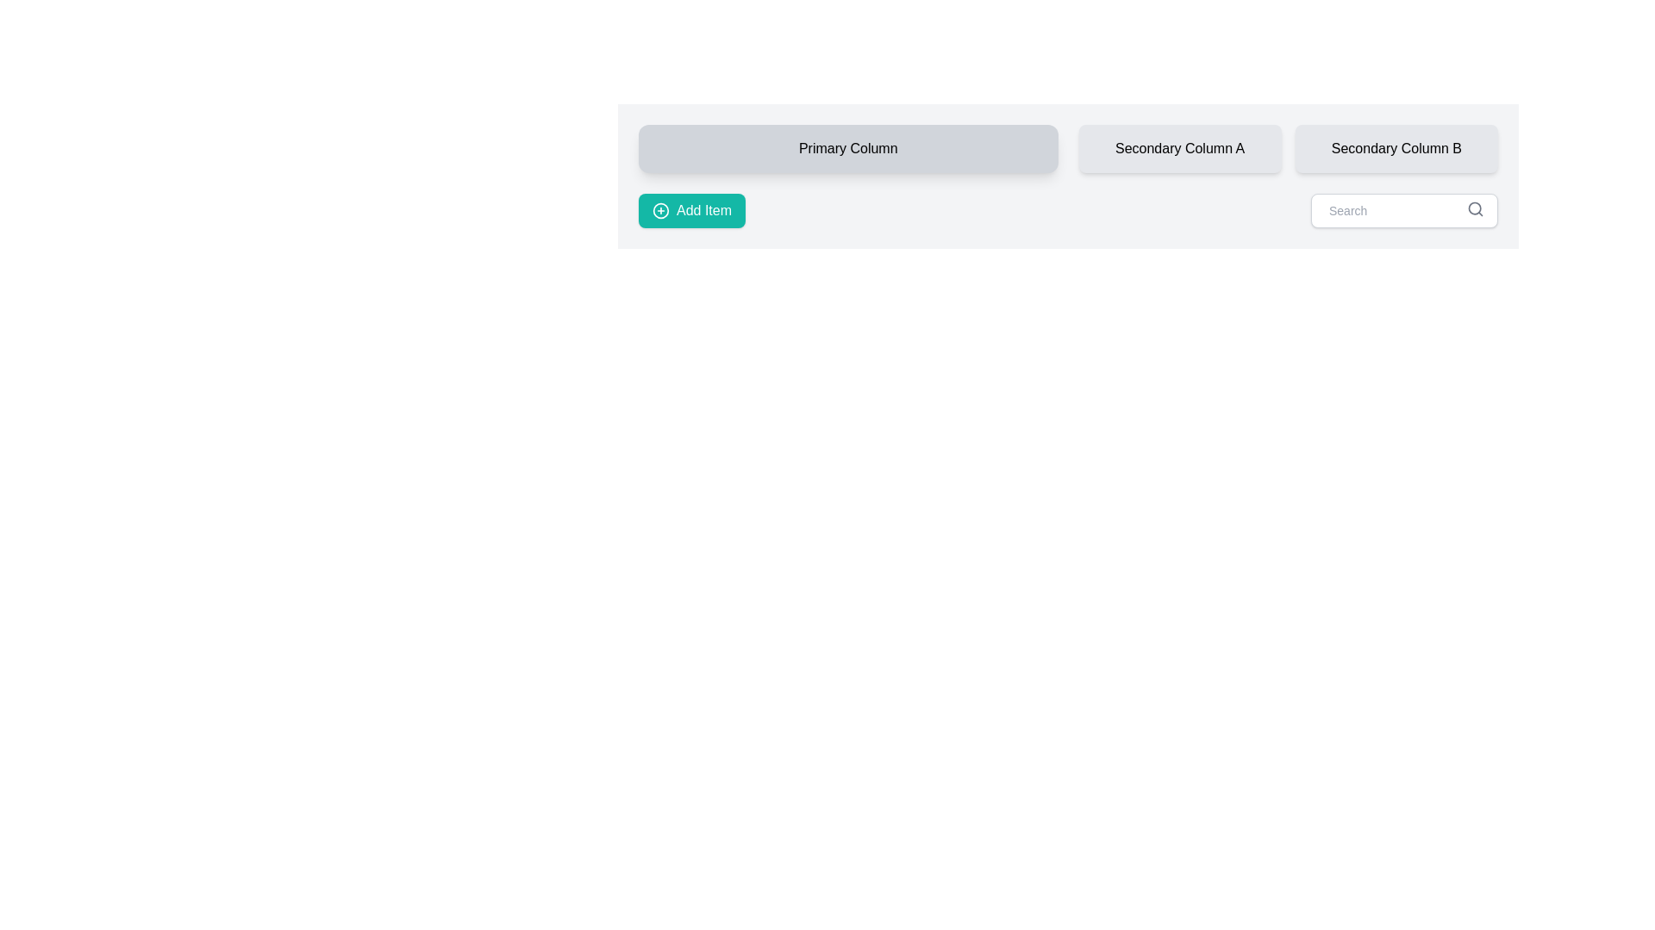 The width and height of the screenshot is (1655, 930). What do you see at coordinates (1396, 148) in the screenshot?
I see `the static label block with the text 'Secondary Column B', which is a rectangular element with a light gray background and rounded corners located in the upper-right section of the interface` at bounding box center [1396, 148].